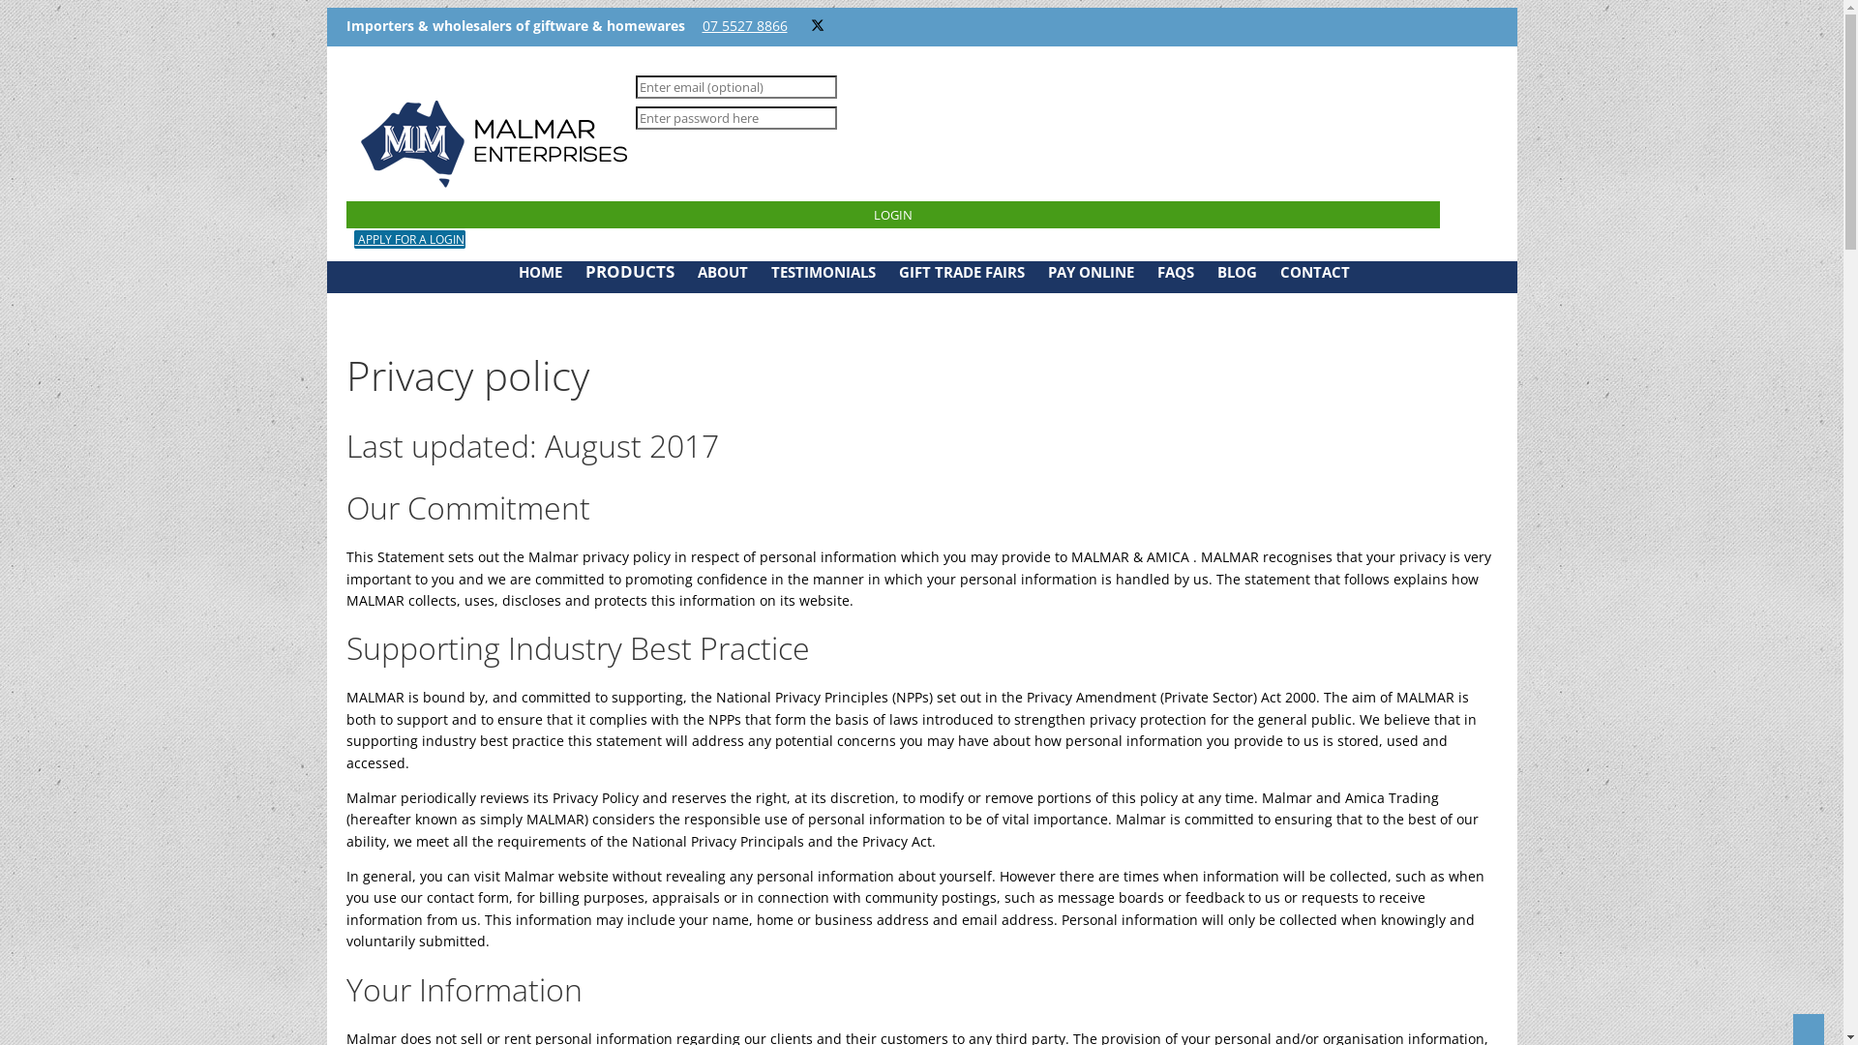 Image resolution: width=1858 pixels, height=1045 pixels. I want to click on 'HOME', so click(519, 272).